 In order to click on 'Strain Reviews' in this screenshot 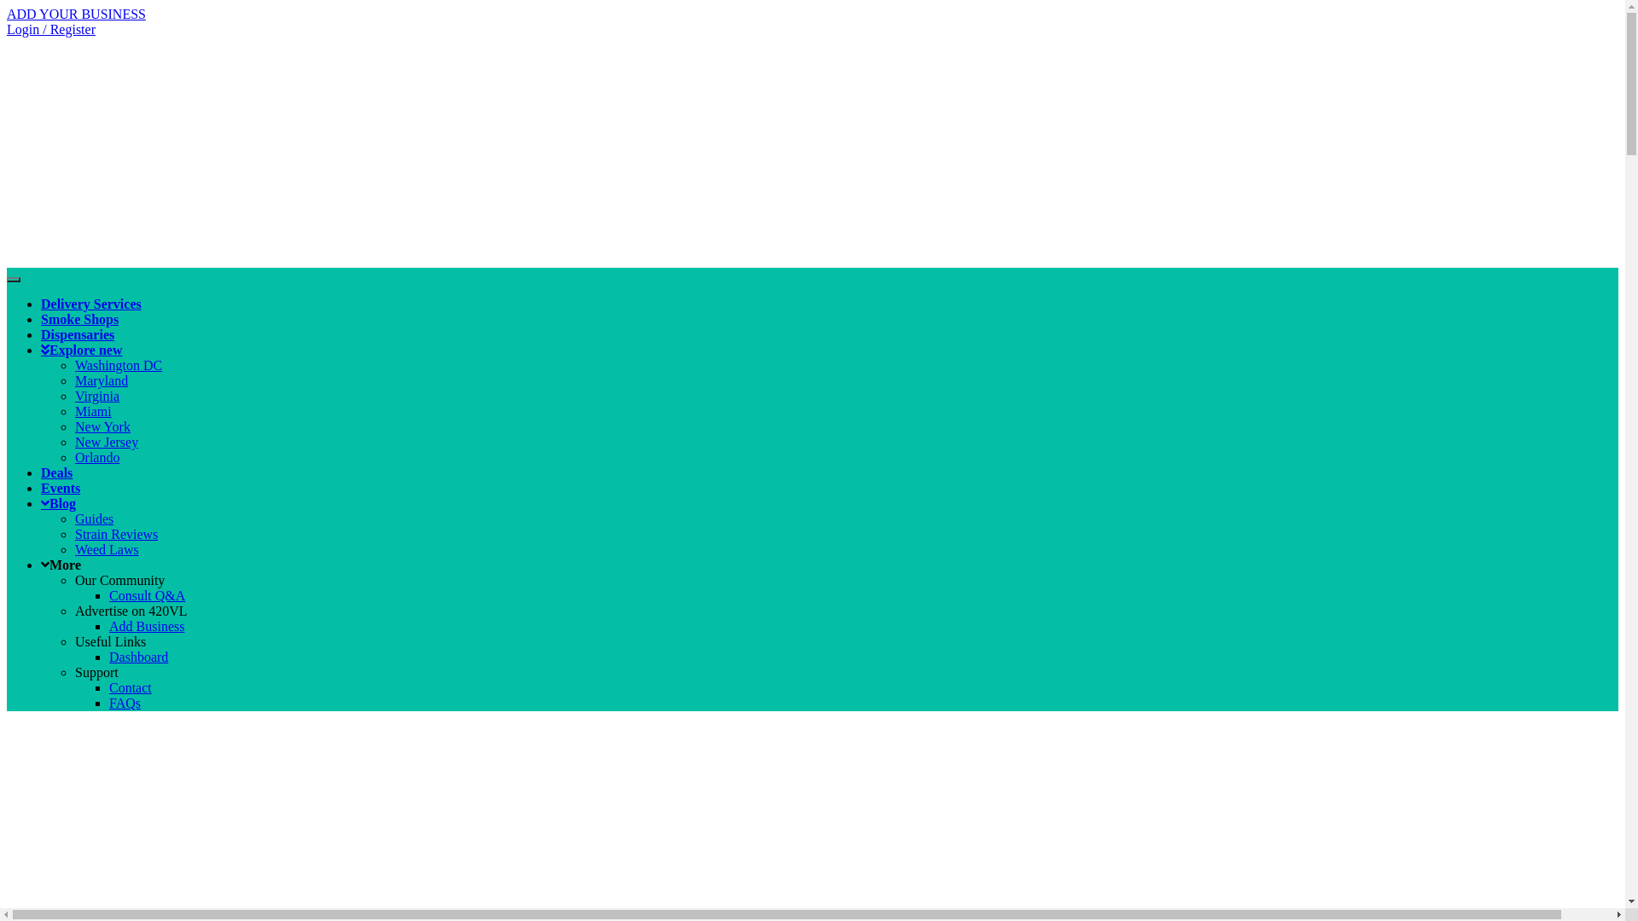, I will do `click(115, 533)`.